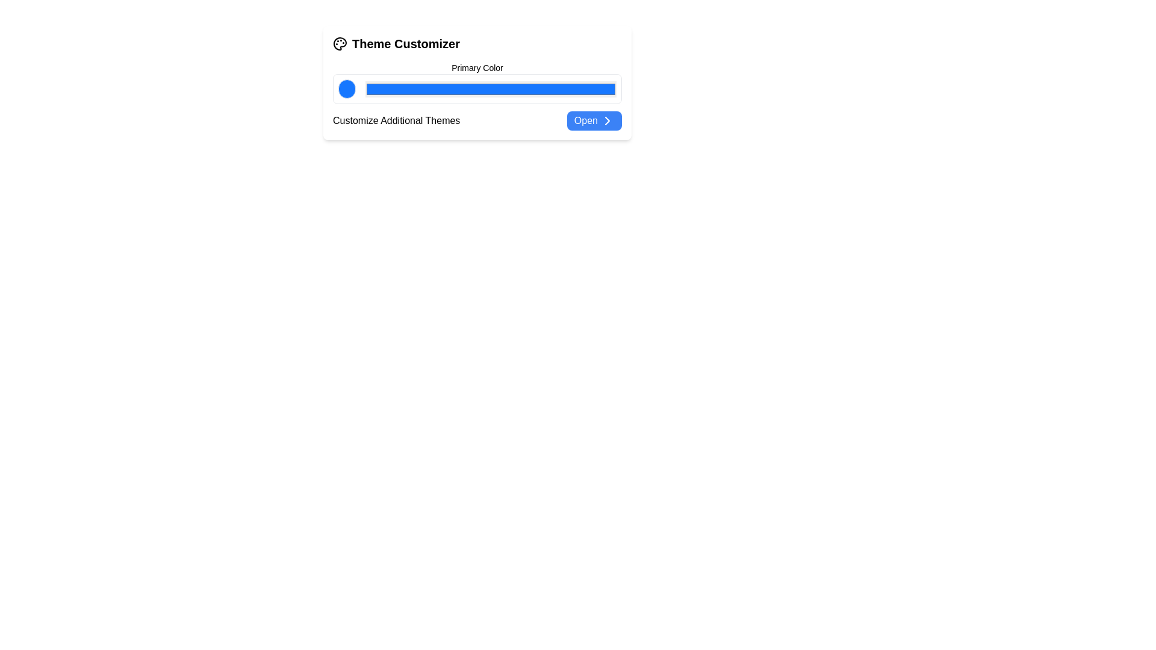 This screenshot has height=650, width=1156. I want to click on the chevron icon located at the far right edge of the 'Open' button, so click(607, 120).